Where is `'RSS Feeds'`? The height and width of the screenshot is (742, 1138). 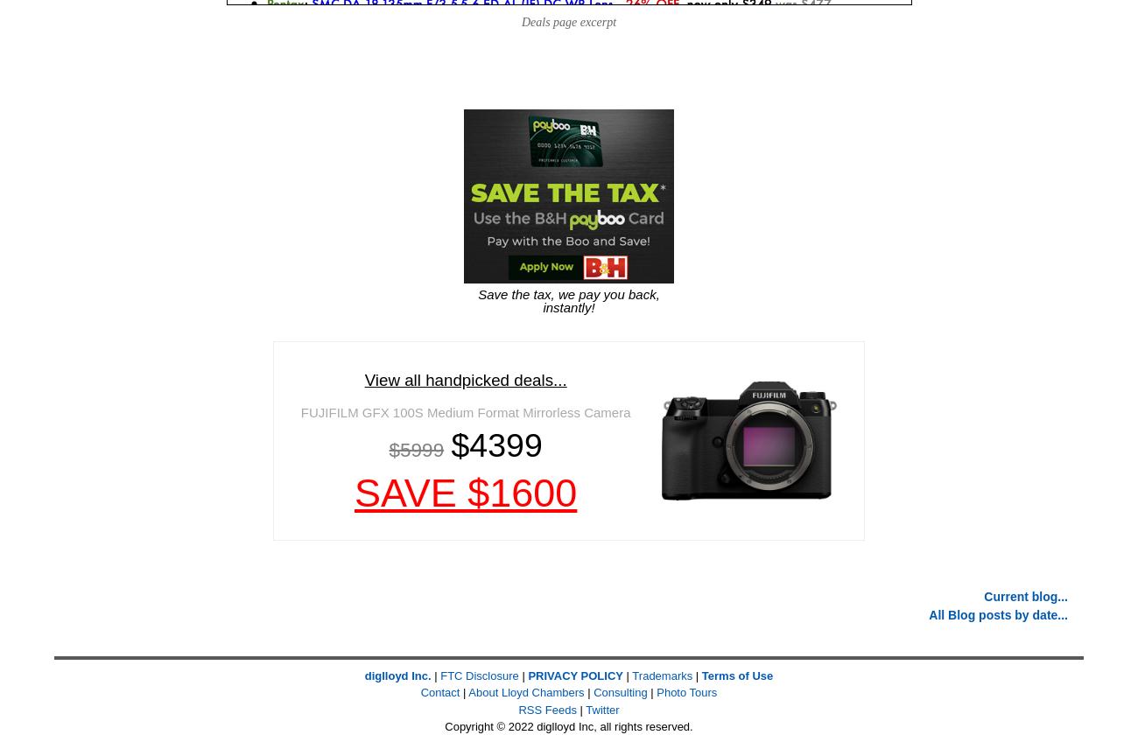 'RSS Feeds' is located at coordinates (547, 709).